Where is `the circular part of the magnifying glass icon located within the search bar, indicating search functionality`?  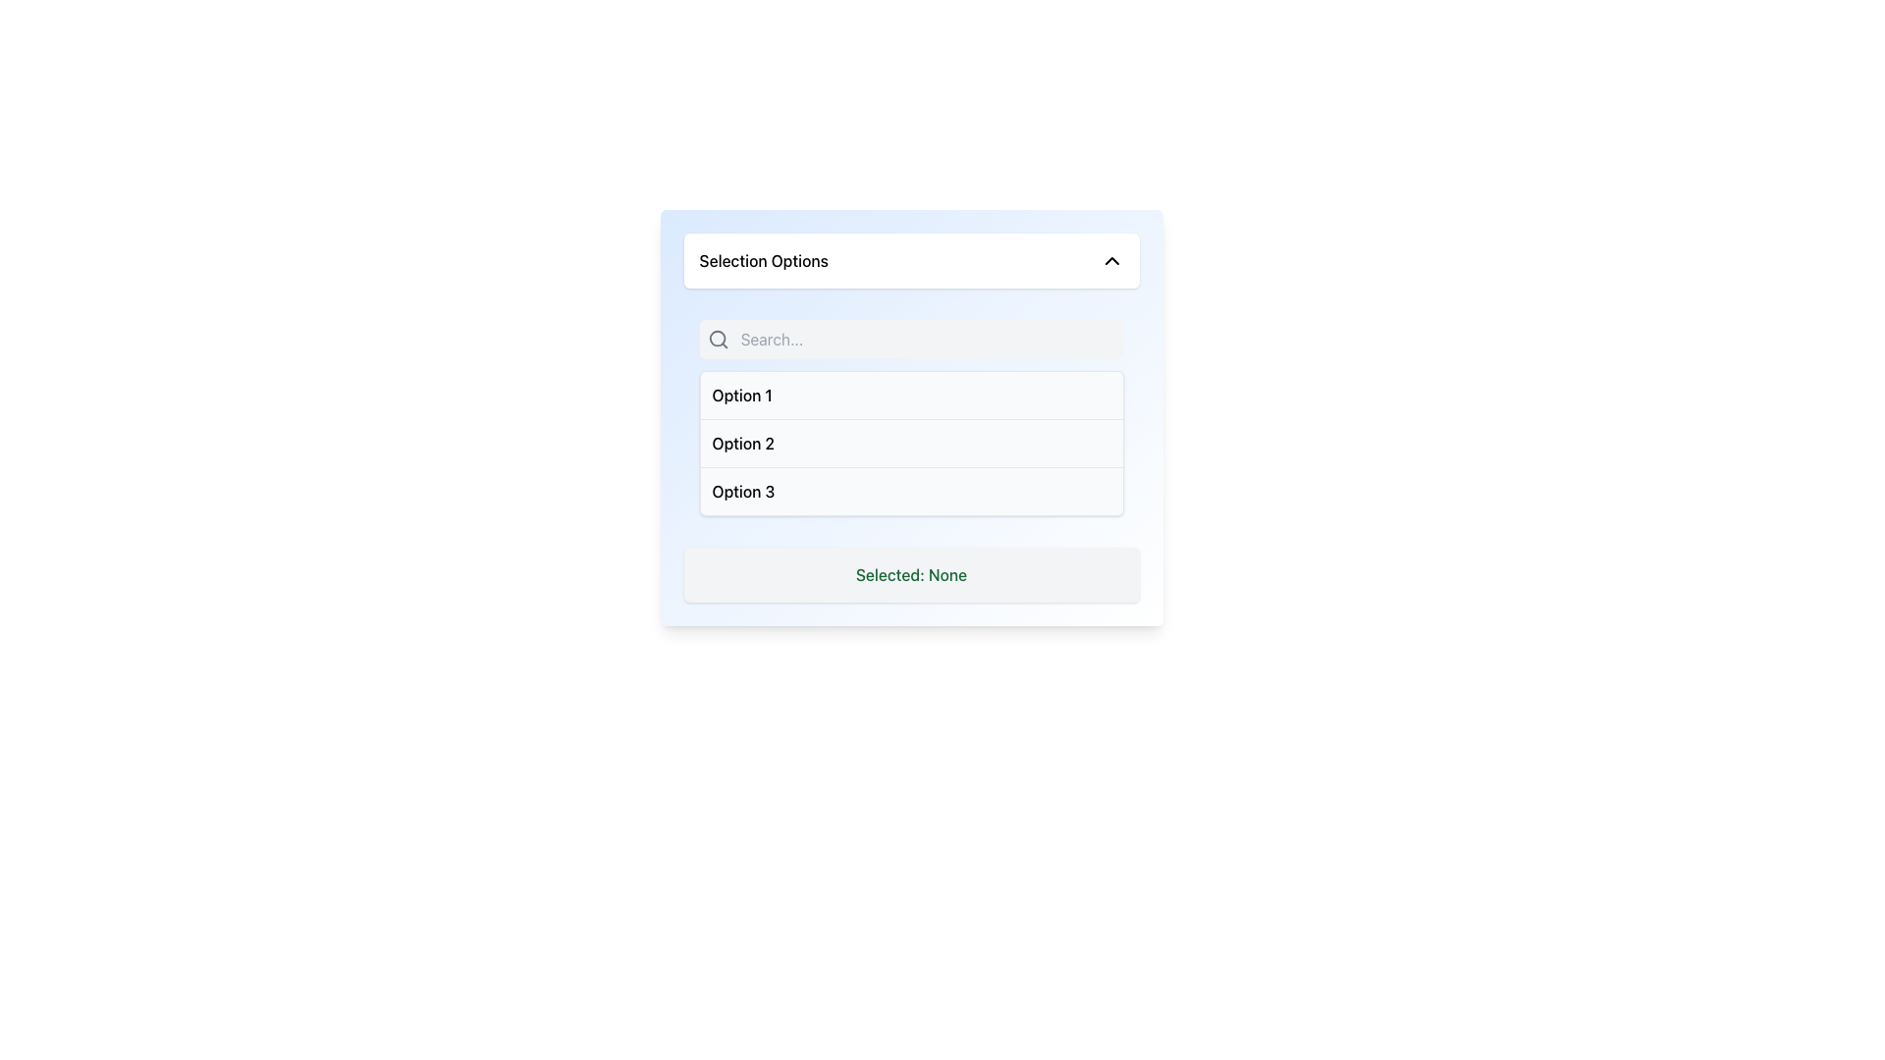
the circular part of the magnifying glass icon located within the search bar, indicating search functionality is located at coordinates (716, 338).